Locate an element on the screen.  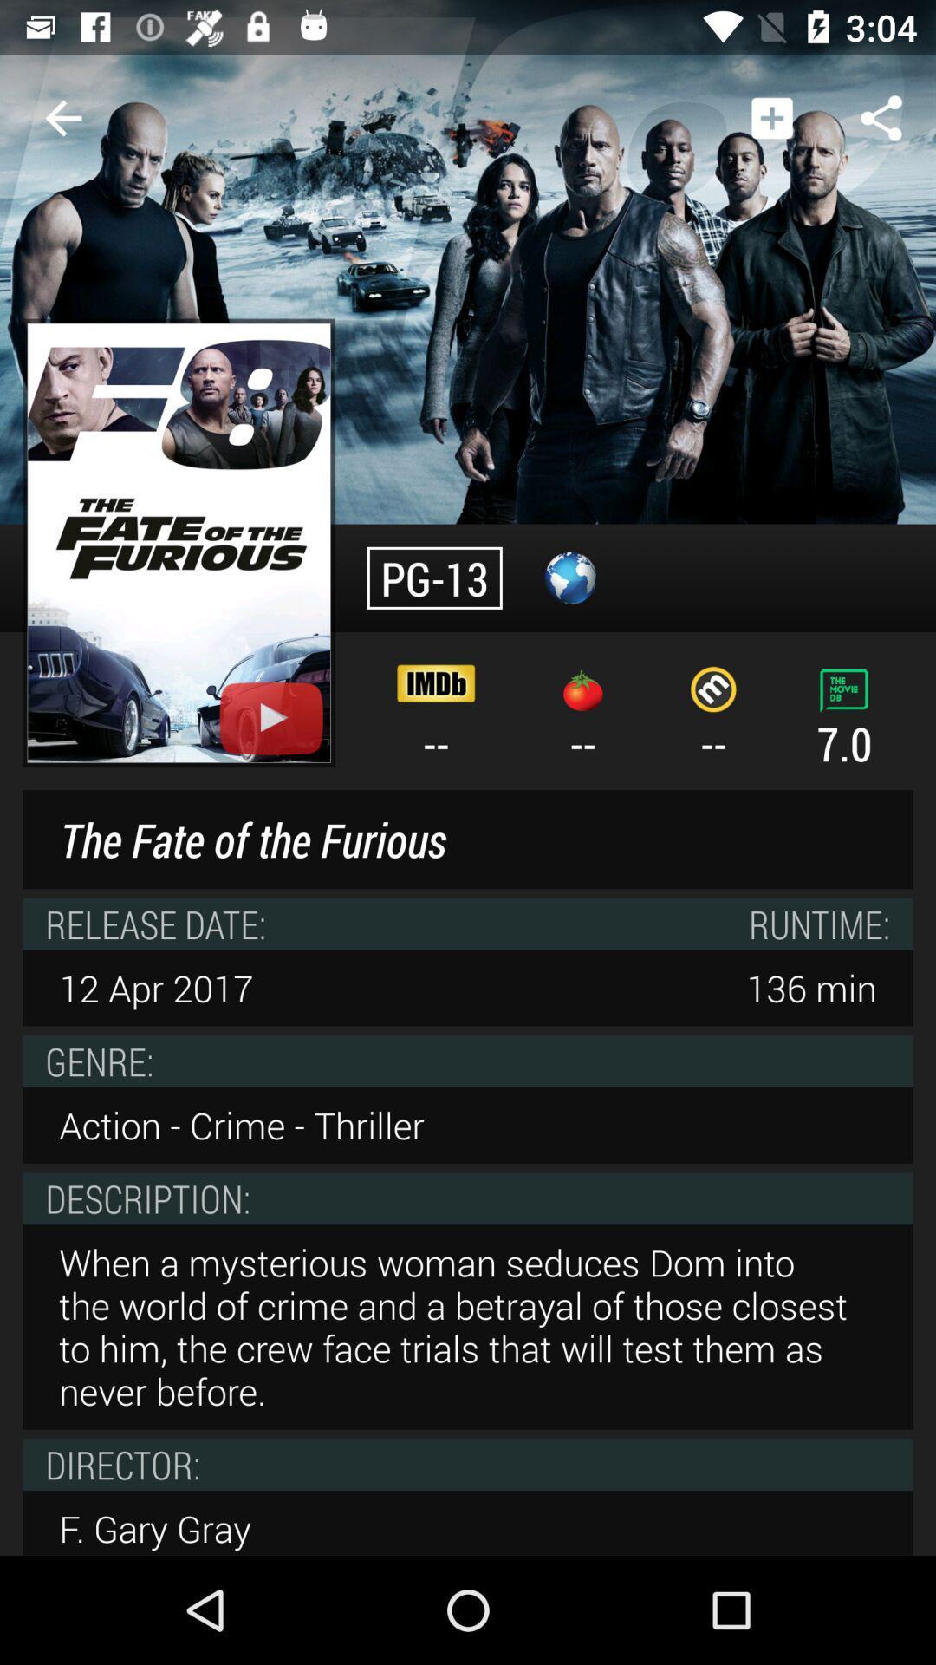
app next to   icon is located at coordinates (771, 117).